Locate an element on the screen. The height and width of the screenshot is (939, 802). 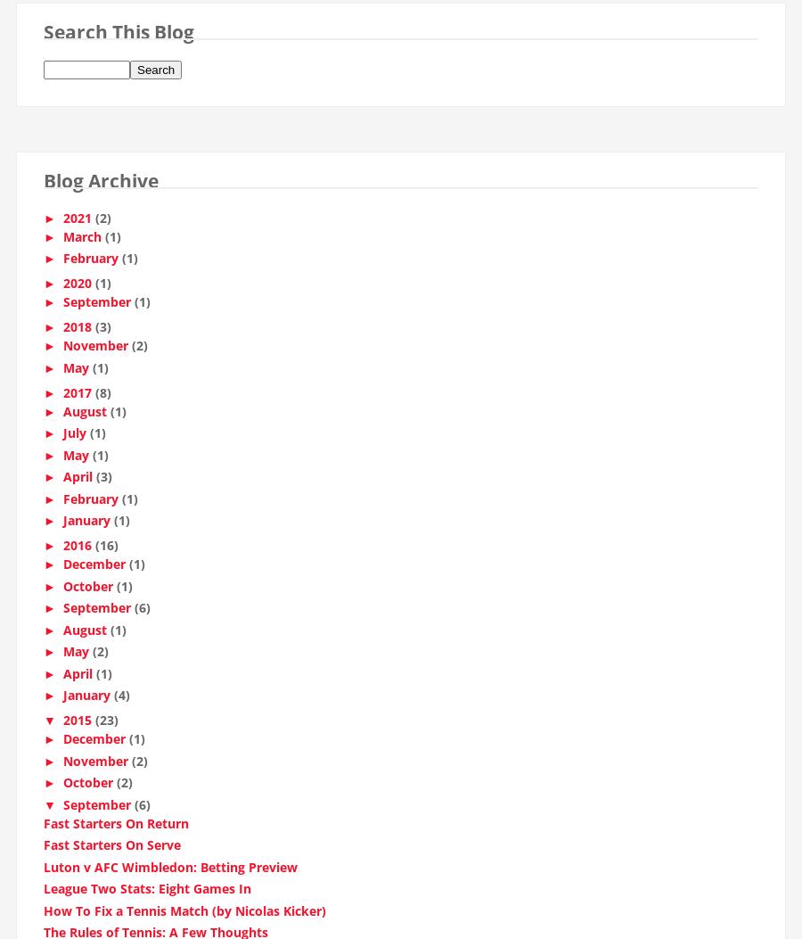
'March' is located at coordinates (82, 242).